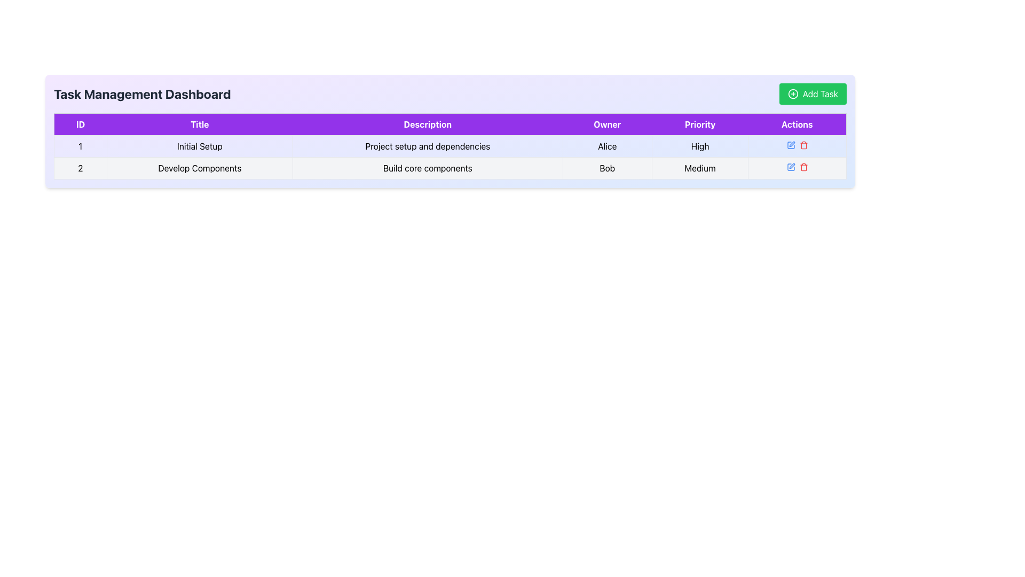  What do you see at coordinates (791, 167) in the screenshot?
I see `the edit icon button in the Actions column of the second row for the task 'Develop Components'` at bounding box center [791, 167].